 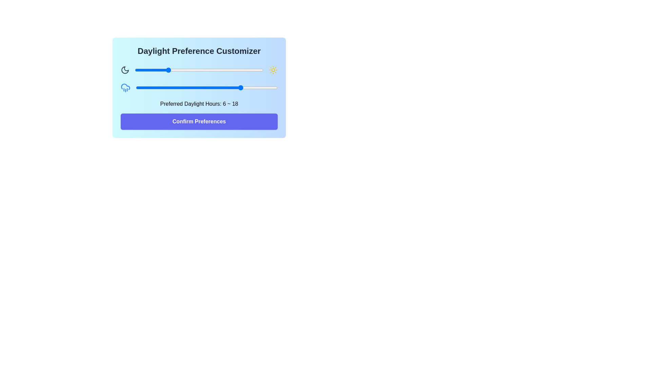 What do you see at coordinates (125, 87) in the screenshot?
I see `the cloud icon with raindrops located in the 'Daylight Preference Customizer' box, positioned to the right of the crescent moon icon` at bounding box center [125, 87].